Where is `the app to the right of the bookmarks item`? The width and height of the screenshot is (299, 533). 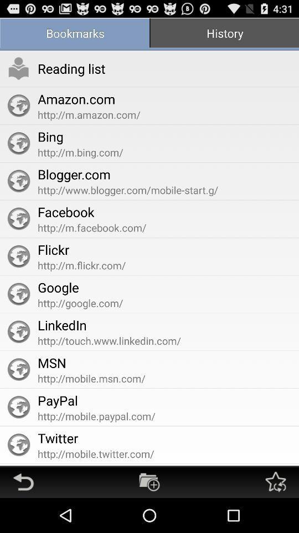 the app to the right of the bookmarks item is located at coordinates (224, 34).